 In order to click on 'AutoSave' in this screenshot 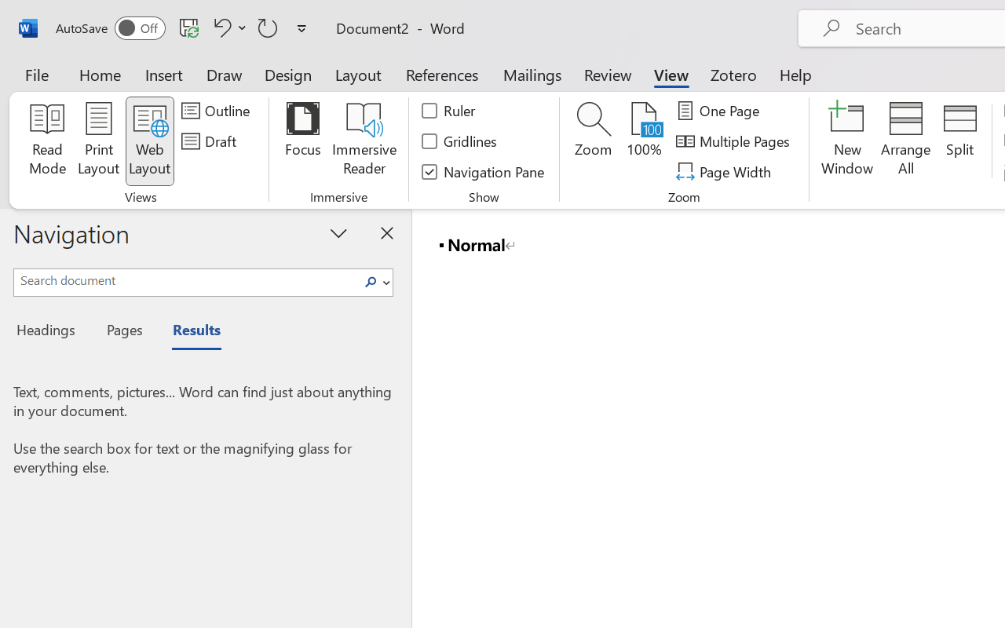, I will do `click(109, 27)`.